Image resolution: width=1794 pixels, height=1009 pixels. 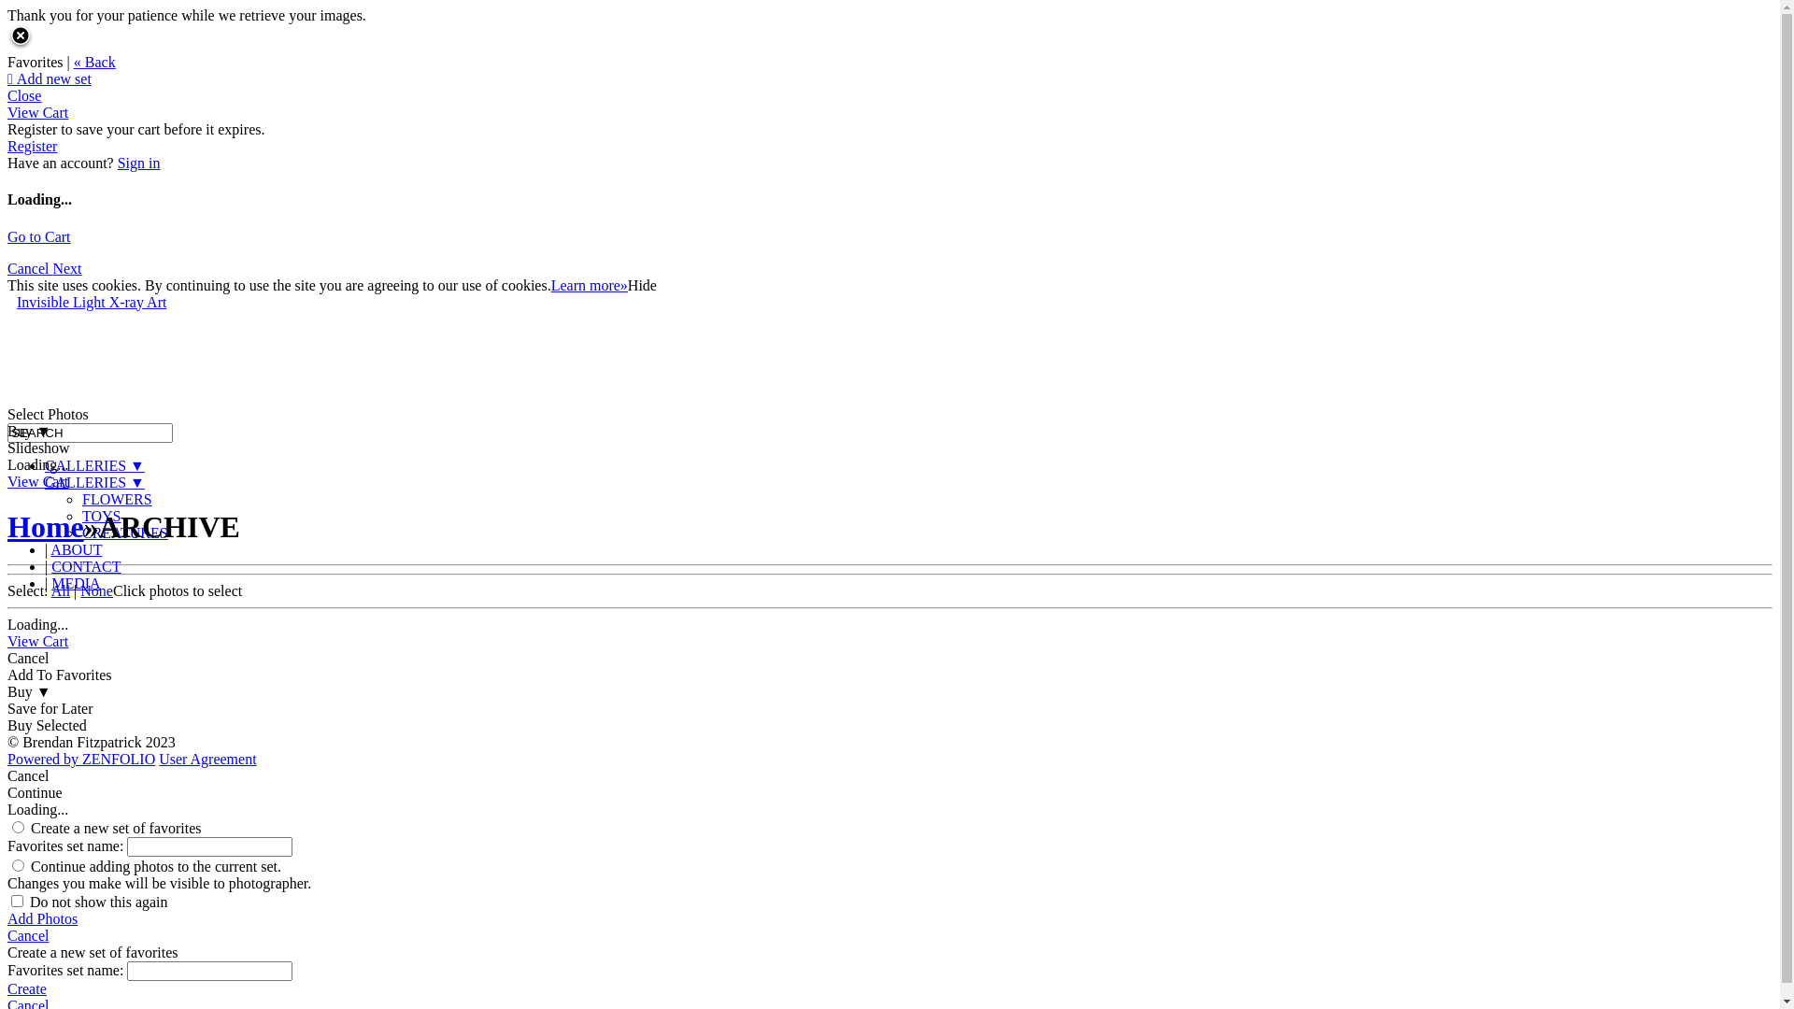 I want to click on 'FLOWERS', so click(x=116, y=498).